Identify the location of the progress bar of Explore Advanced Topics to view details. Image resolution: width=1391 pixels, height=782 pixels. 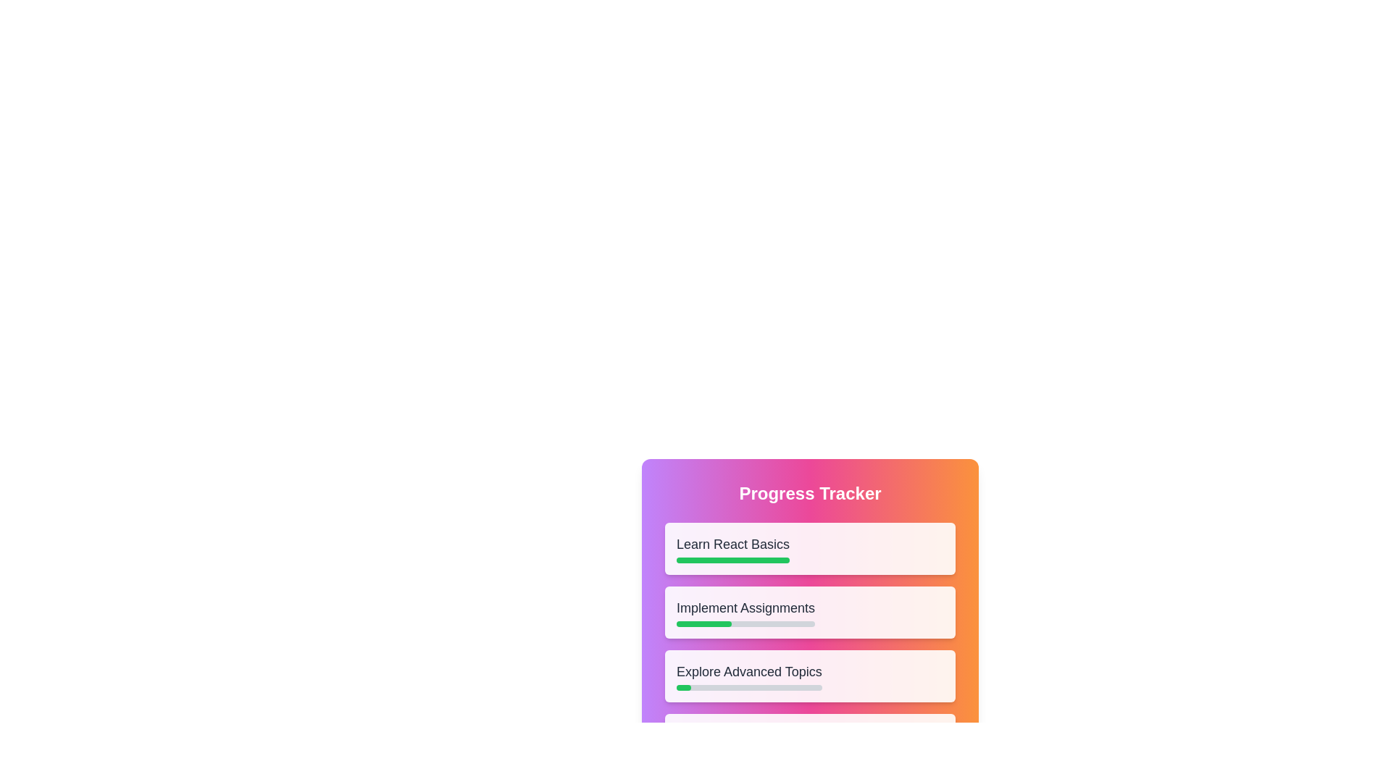
(683, 686).